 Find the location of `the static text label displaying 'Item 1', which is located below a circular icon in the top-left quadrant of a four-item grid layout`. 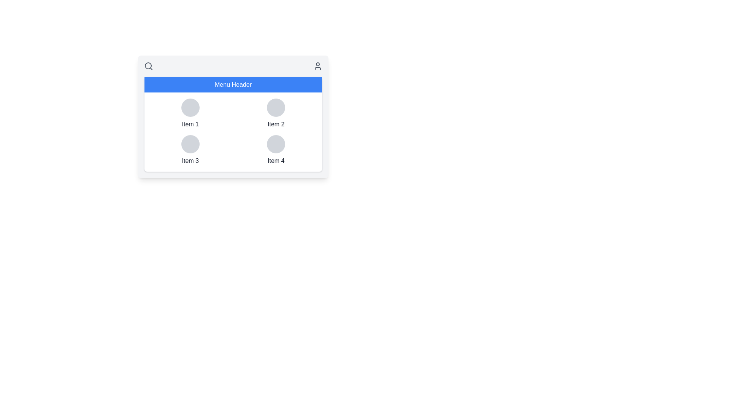

the static text label displaying 'Item 1', which is located below a circular icon in the top-left quadrant of a four-item grid layout is located at coordinates (190, 124).